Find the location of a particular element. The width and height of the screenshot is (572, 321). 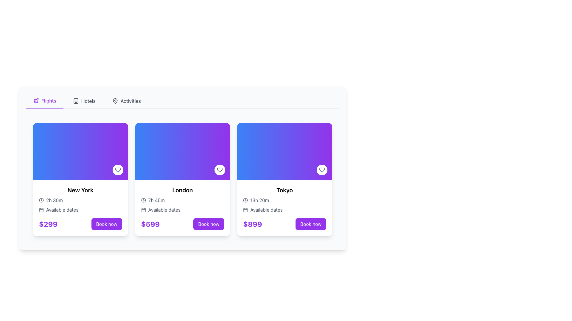

the text label indicating the destination 'Tokyo', which is positioned as the title of the third card in a horizontally arranged set of cards is located at coordinates (284, 190).